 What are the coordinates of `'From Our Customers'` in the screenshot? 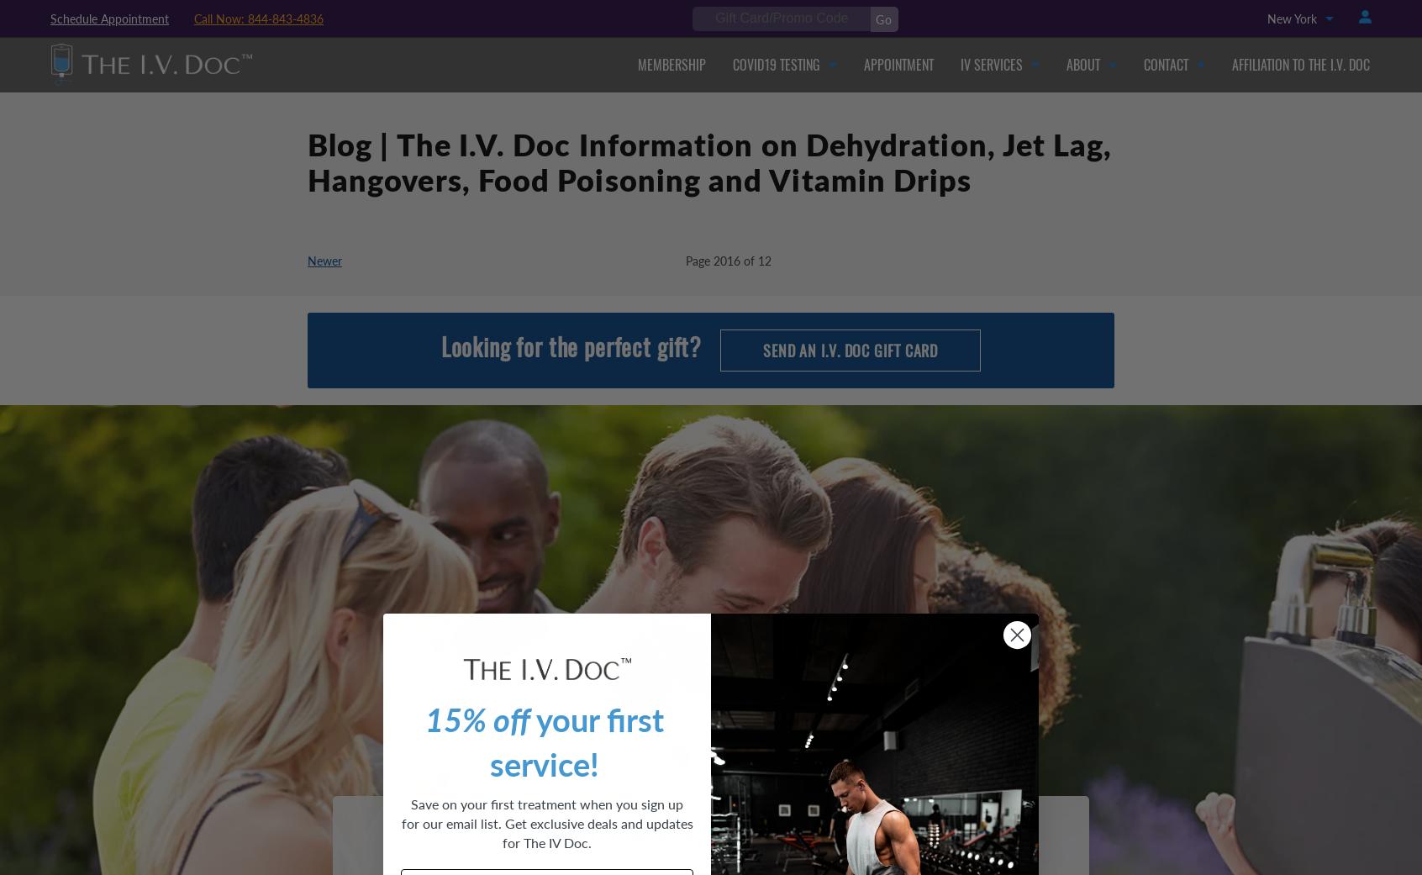 It's located at (710, 829).